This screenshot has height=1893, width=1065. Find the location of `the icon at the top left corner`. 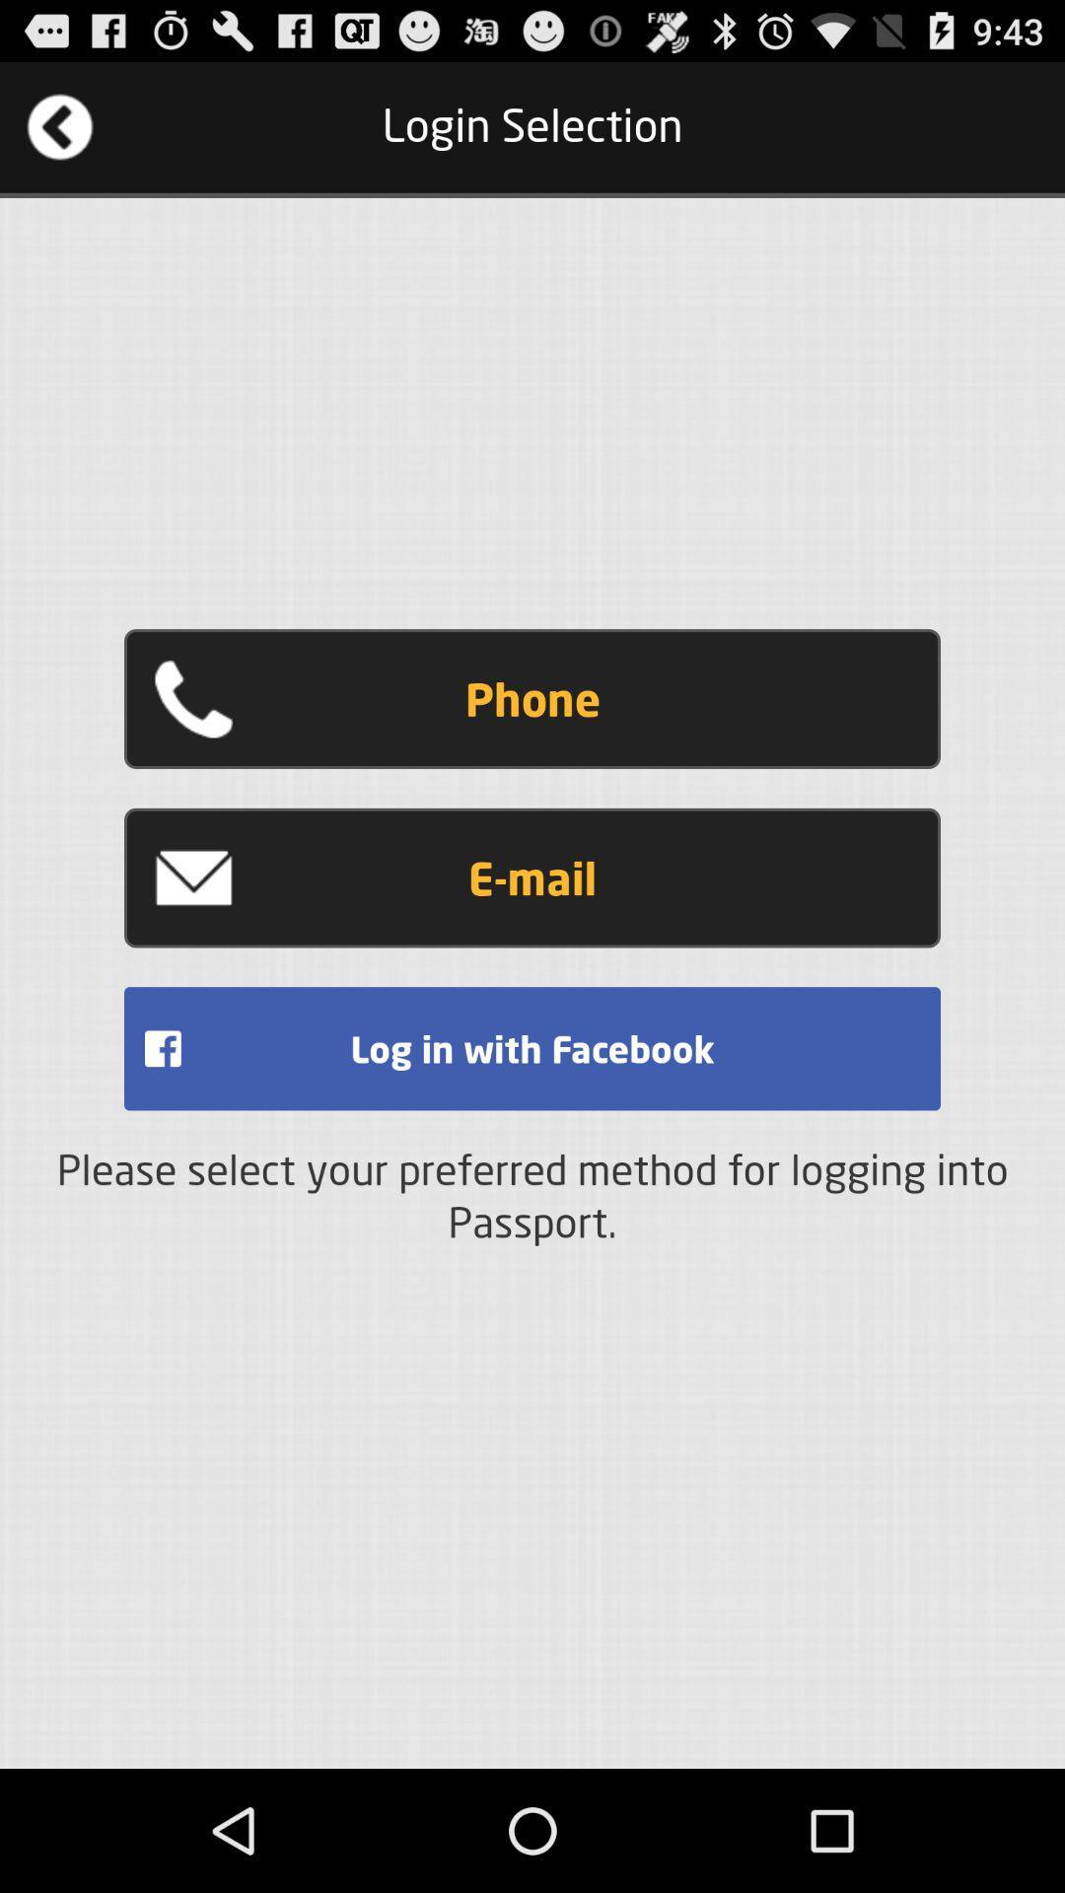

the icon at the top left corner is located at coordinates (59, 126).